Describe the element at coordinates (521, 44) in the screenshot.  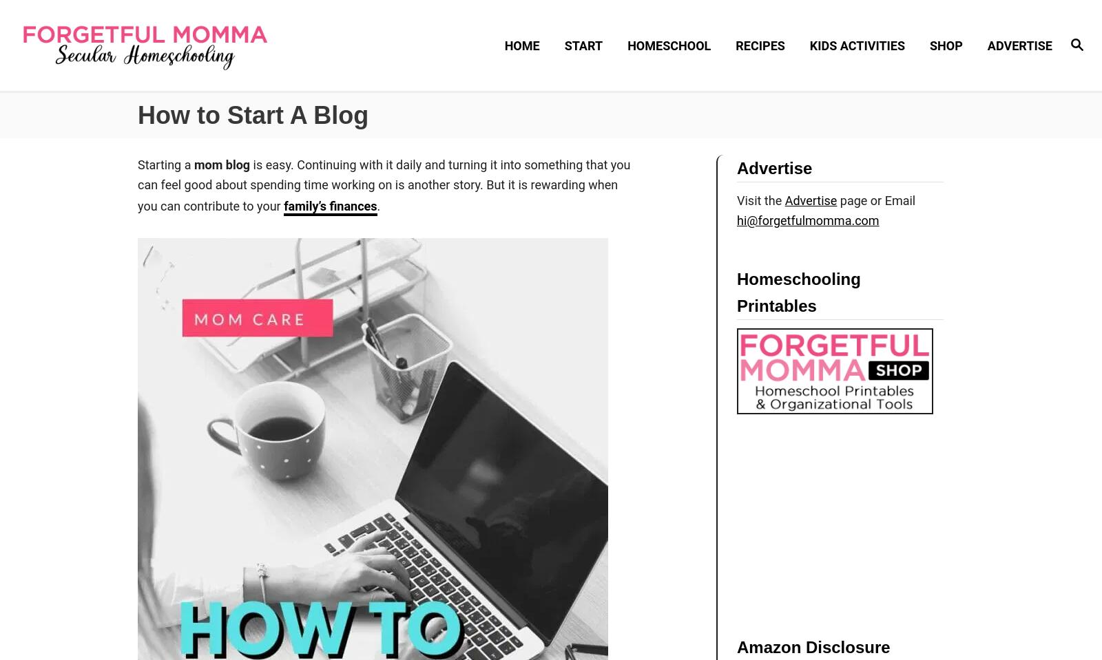
I see `'Home'` at that location.